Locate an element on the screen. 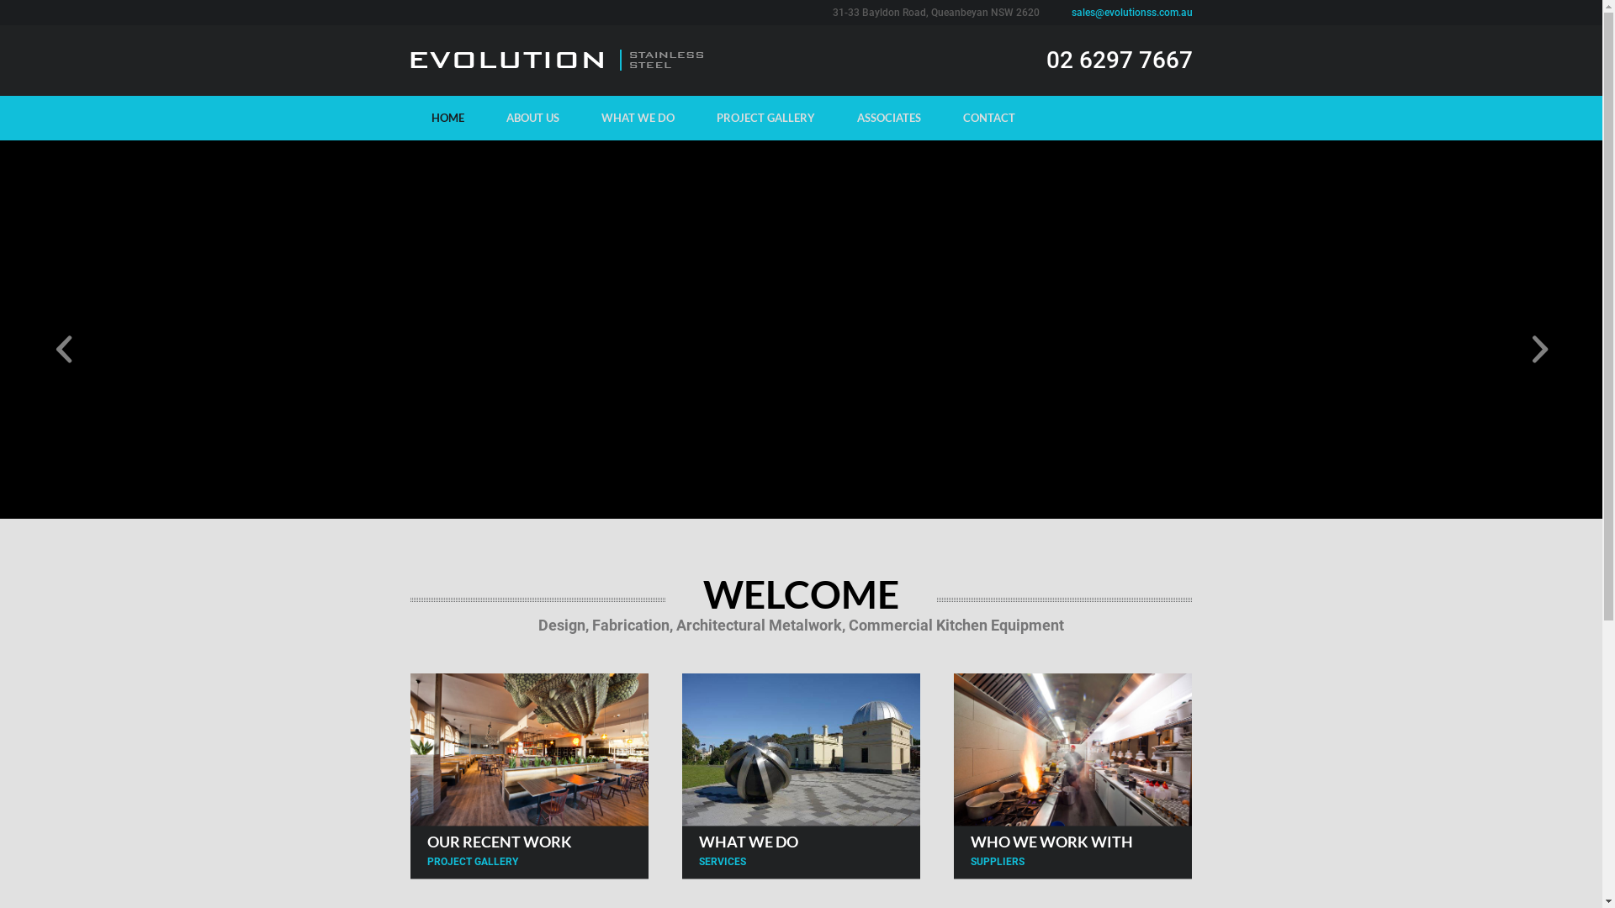 The width and height of the screenshot is (1615, 908). 'ABOUT US' is located at coordinates (531, 117).